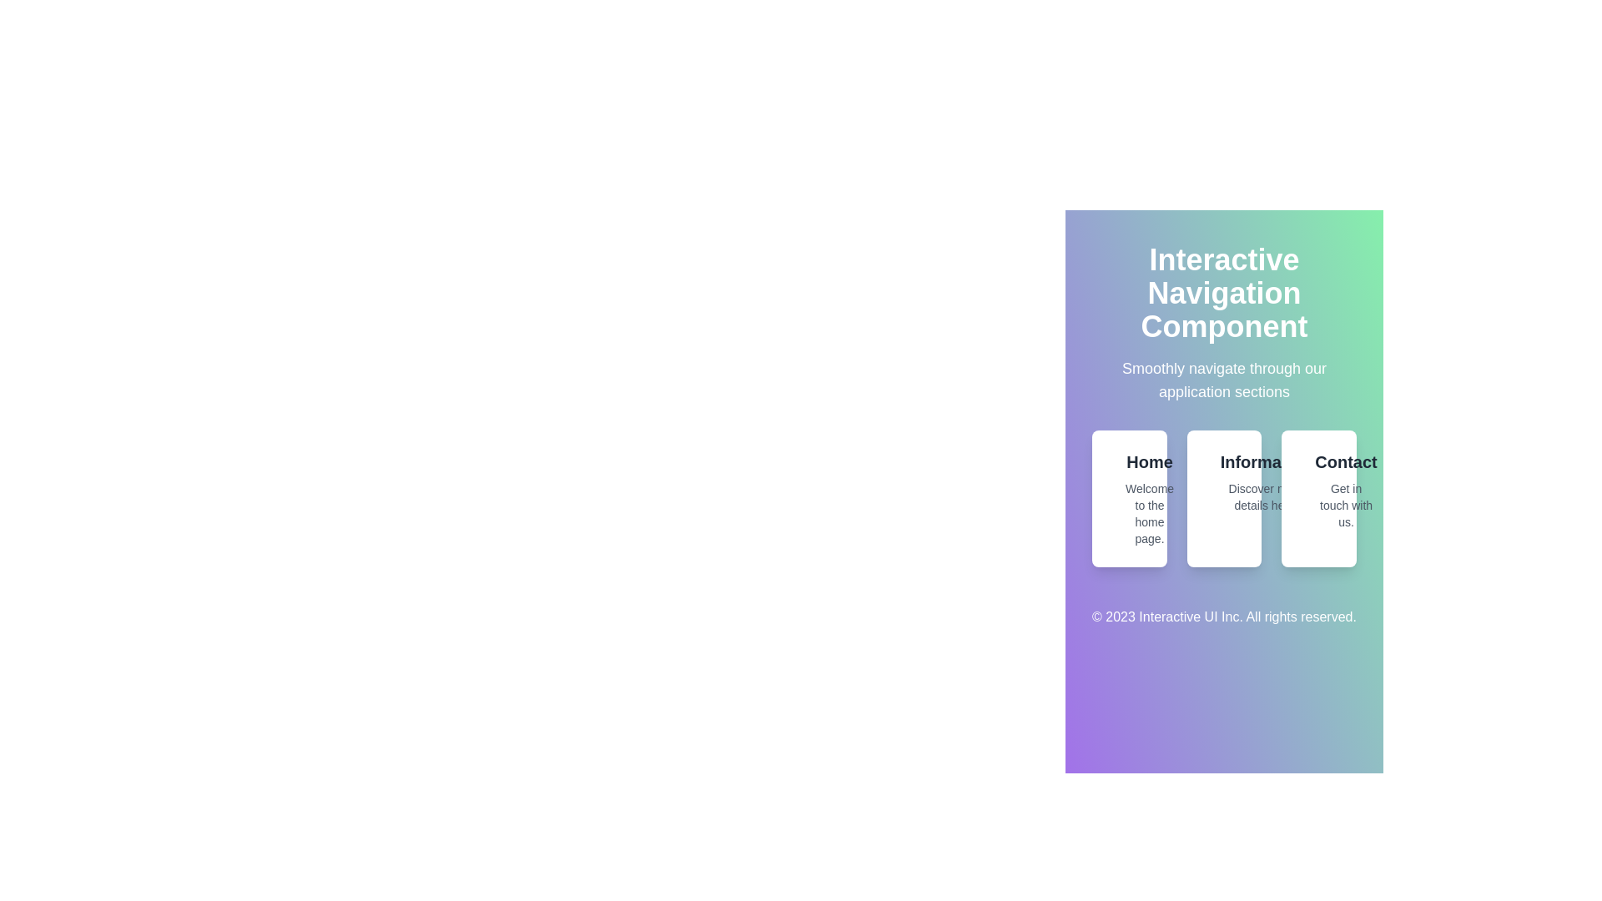 The width and height of the screenshot is (1602, 901). What do you see at coordinates (1224, 324) in the screenshot?
I see `the introductory Text content block at the top of the application layout, which provides information about the application's navigation features` at bounding box center [1224, 324].